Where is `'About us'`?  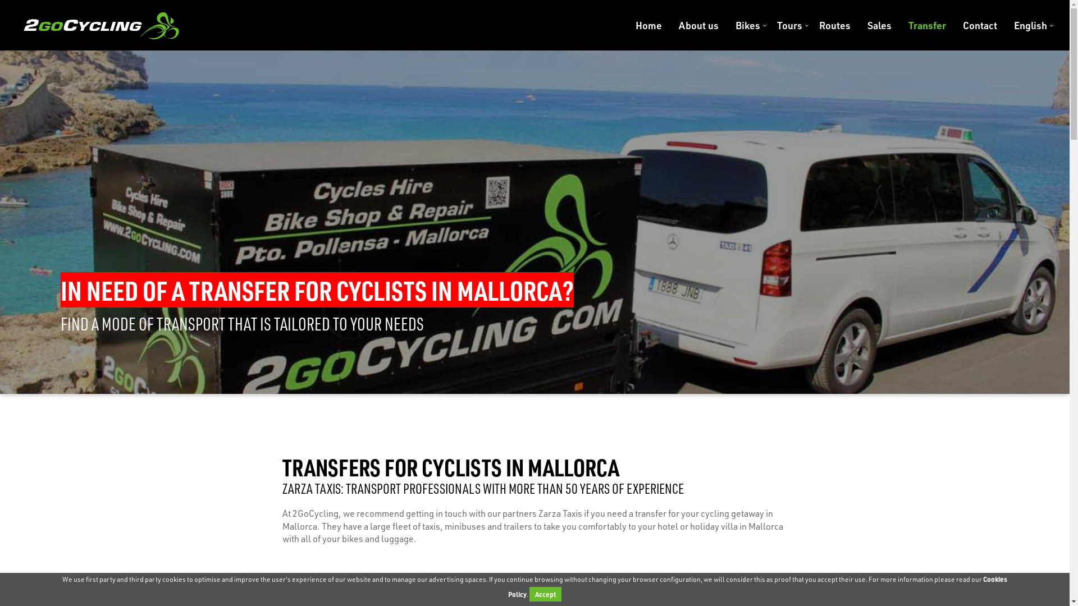
'About us' is located at coordinates (698, 25).